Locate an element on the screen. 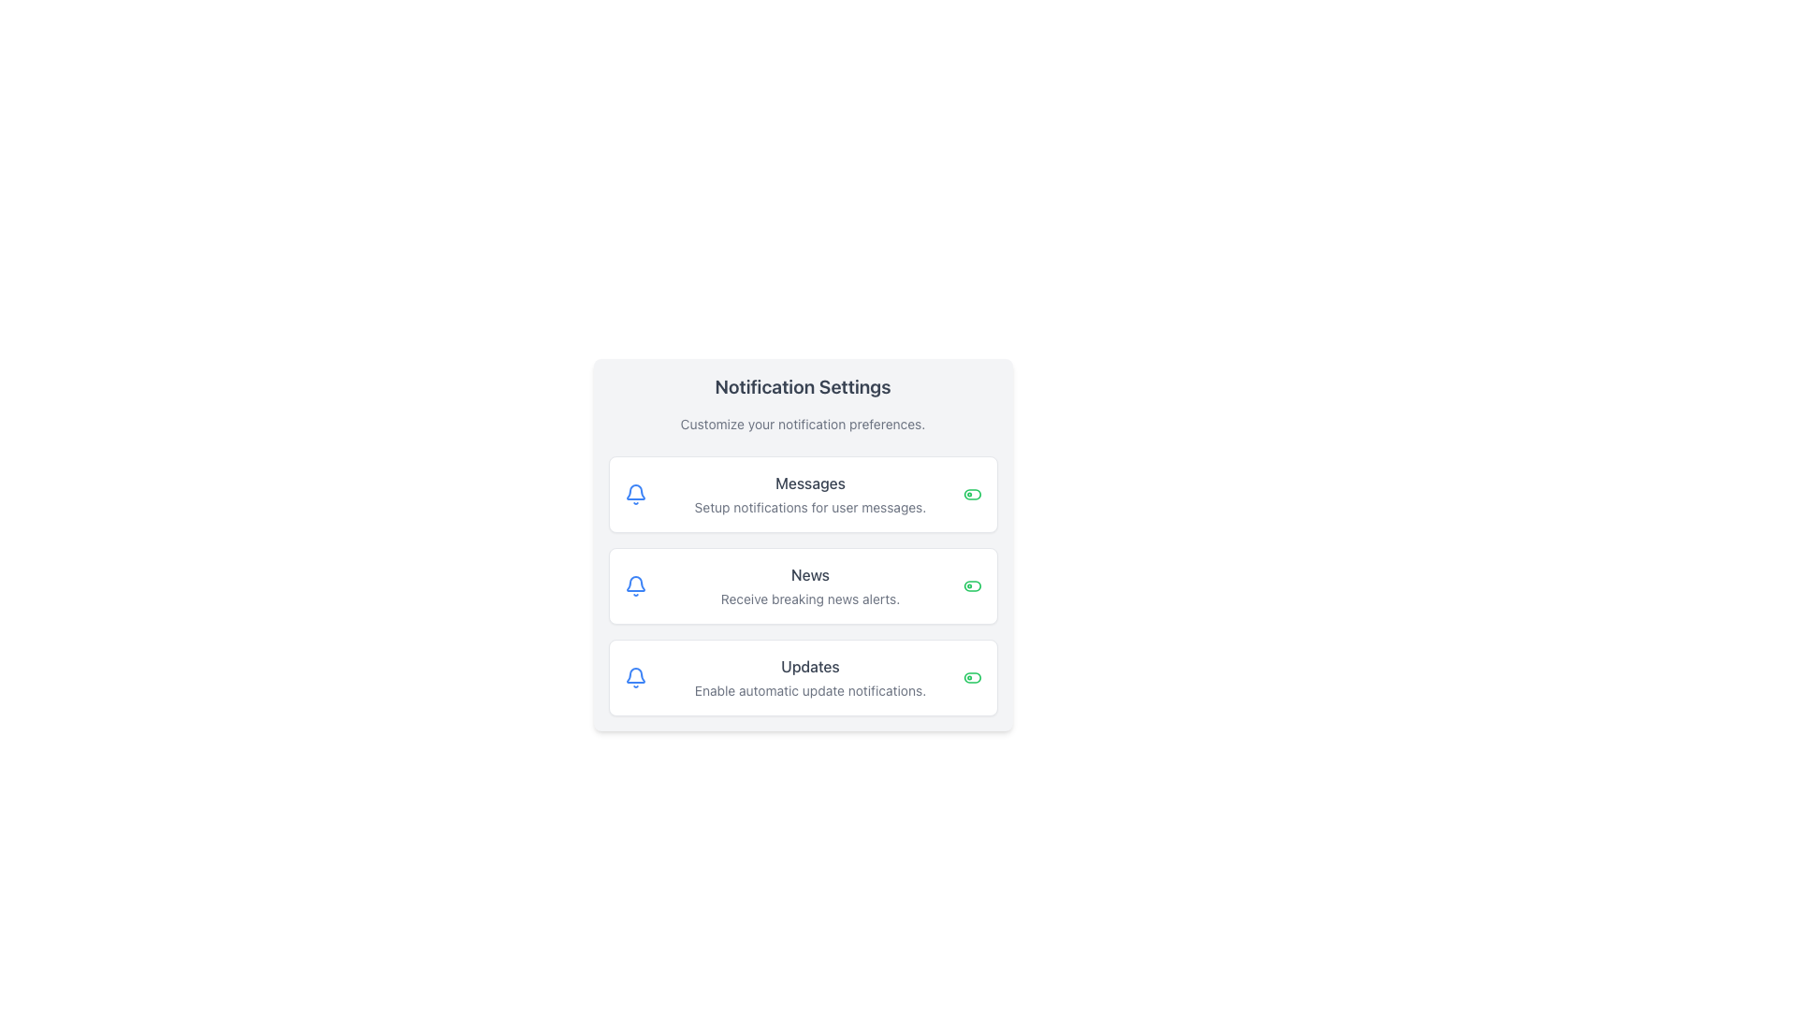 The image size is (1796, 1010). the text field that contains the phrase 'Receive breaking news alerts.' located below the 'News' heading in the notification setup card is located at coordinates (810, 599).